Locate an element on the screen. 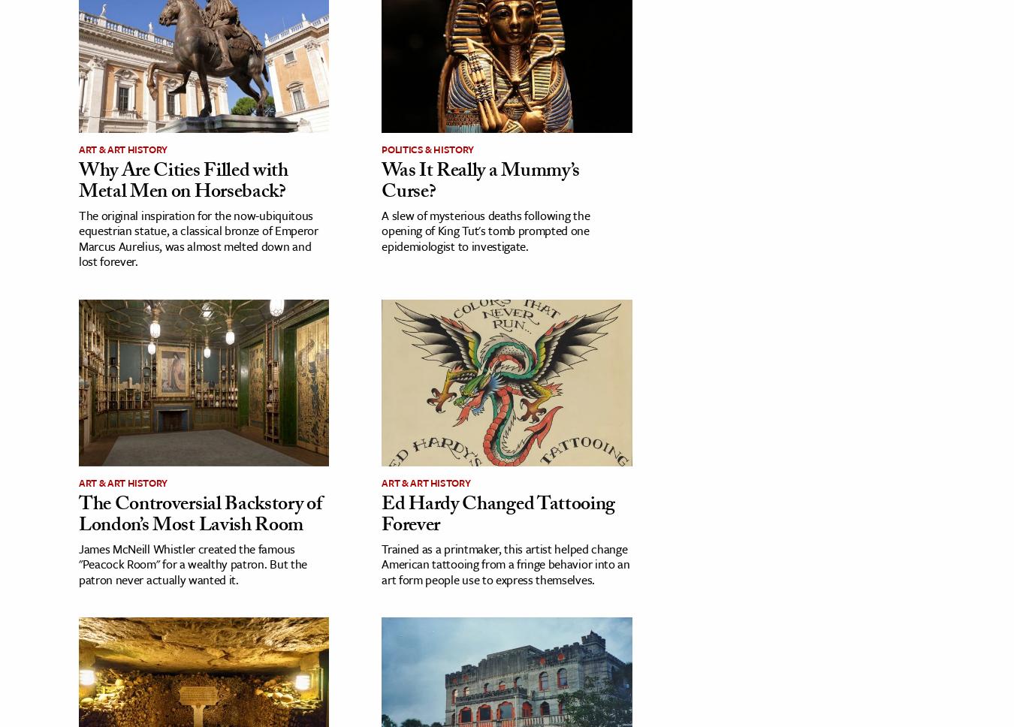  'Trained as a printmaker, this artist helped change American tattooing from a fringe behavior into an art form people use to express themselves.' is located at coordinates (505, 563).